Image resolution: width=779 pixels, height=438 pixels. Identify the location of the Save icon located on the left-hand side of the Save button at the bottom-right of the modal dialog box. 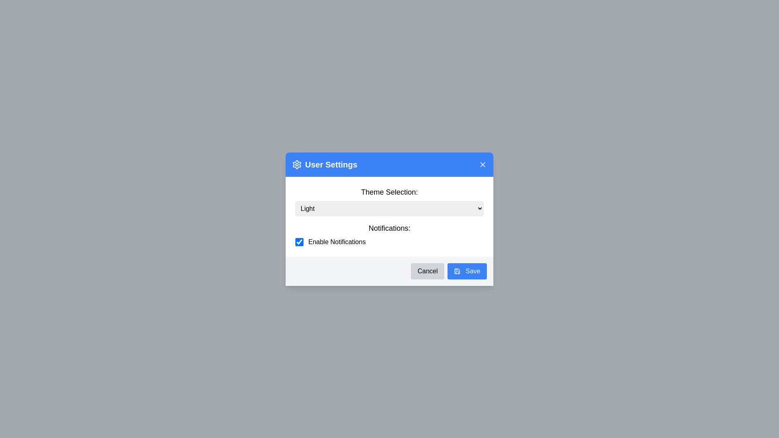
(457, 271).